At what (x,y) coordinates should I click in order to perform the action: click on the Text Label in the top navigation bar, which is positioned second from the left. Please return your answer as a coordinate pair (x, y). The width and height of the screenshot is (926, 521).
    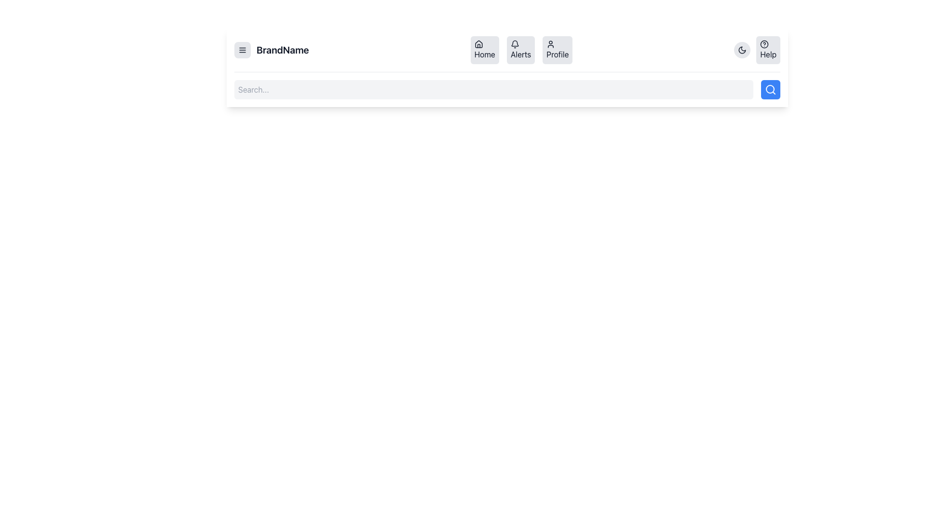
    Looking at the image, I should click on (271, 50).